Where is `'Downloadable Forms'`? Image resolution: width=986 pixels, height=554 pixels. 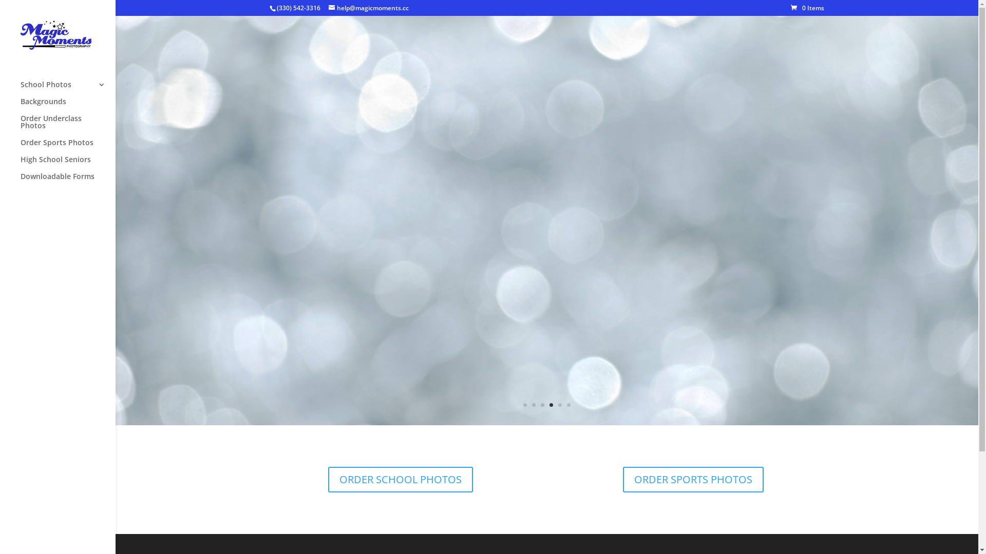
'Downloadable Forms' is located at coordinates (67, 181).